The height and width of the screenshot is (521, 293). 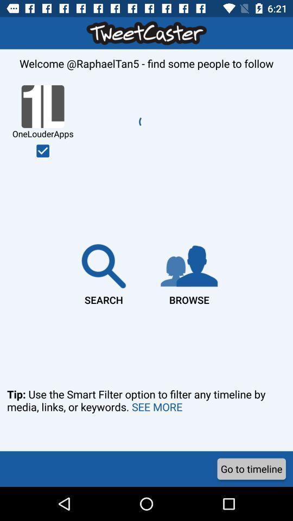 I want to click on the item to the left of the browse, so click(x=104, y=272).